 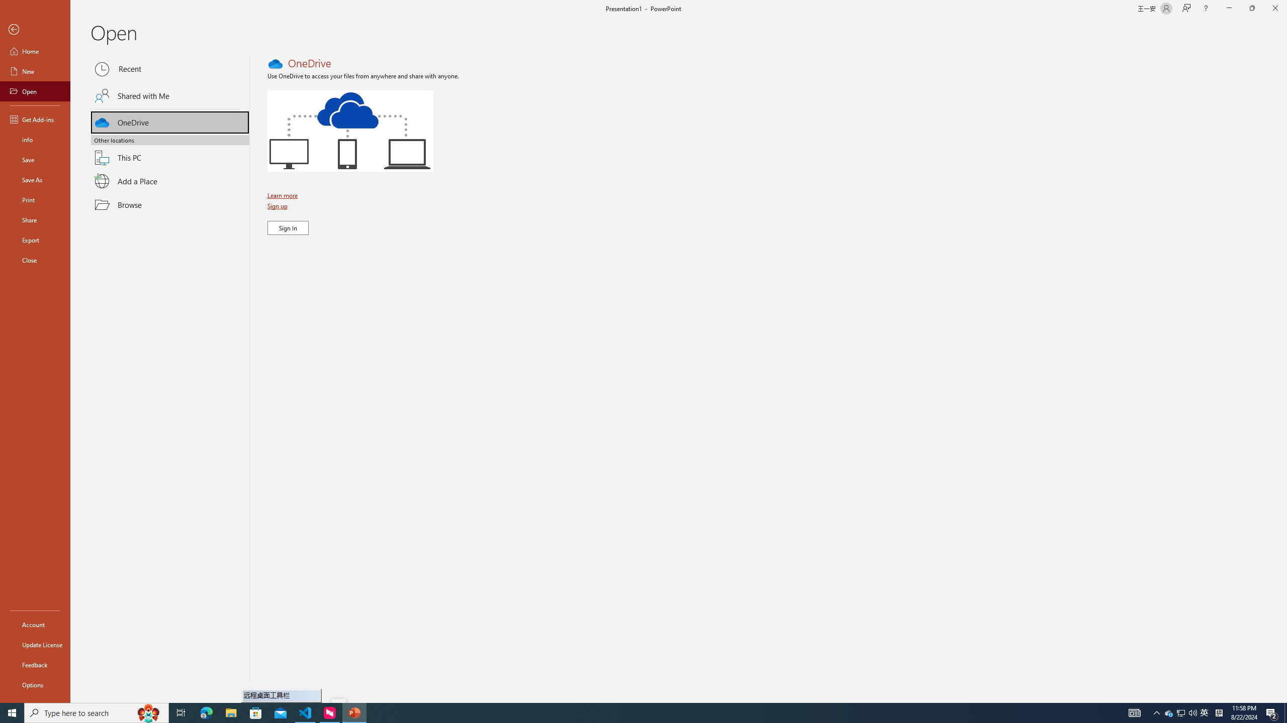 I want to click on 'Learn more', so click(x=283, y=195).